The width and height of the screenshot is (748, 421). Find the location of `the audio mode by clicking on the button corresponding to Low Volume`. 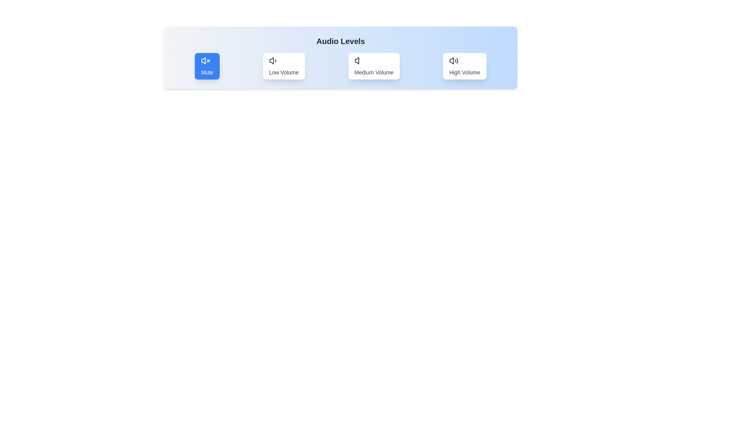

the audio mode by clicking on the button corresponding to Low Volume is located at coordinates (284, 65).